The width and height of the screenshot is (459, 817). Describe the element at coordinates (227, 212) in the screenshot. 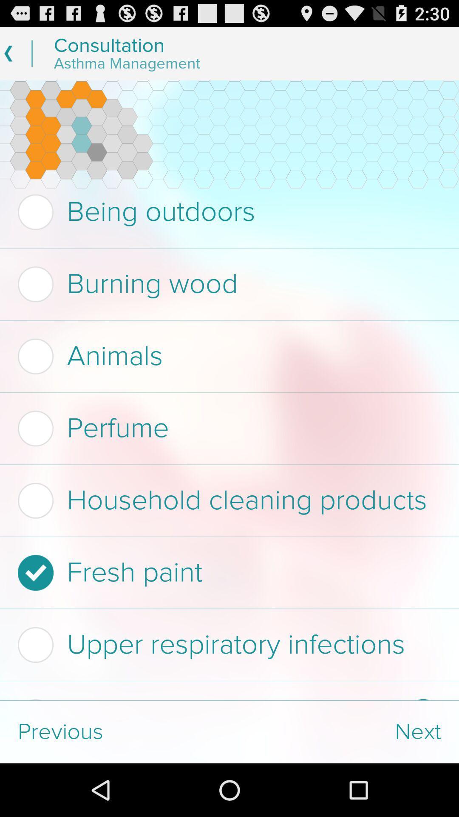

I see `being outdoors` at that location.